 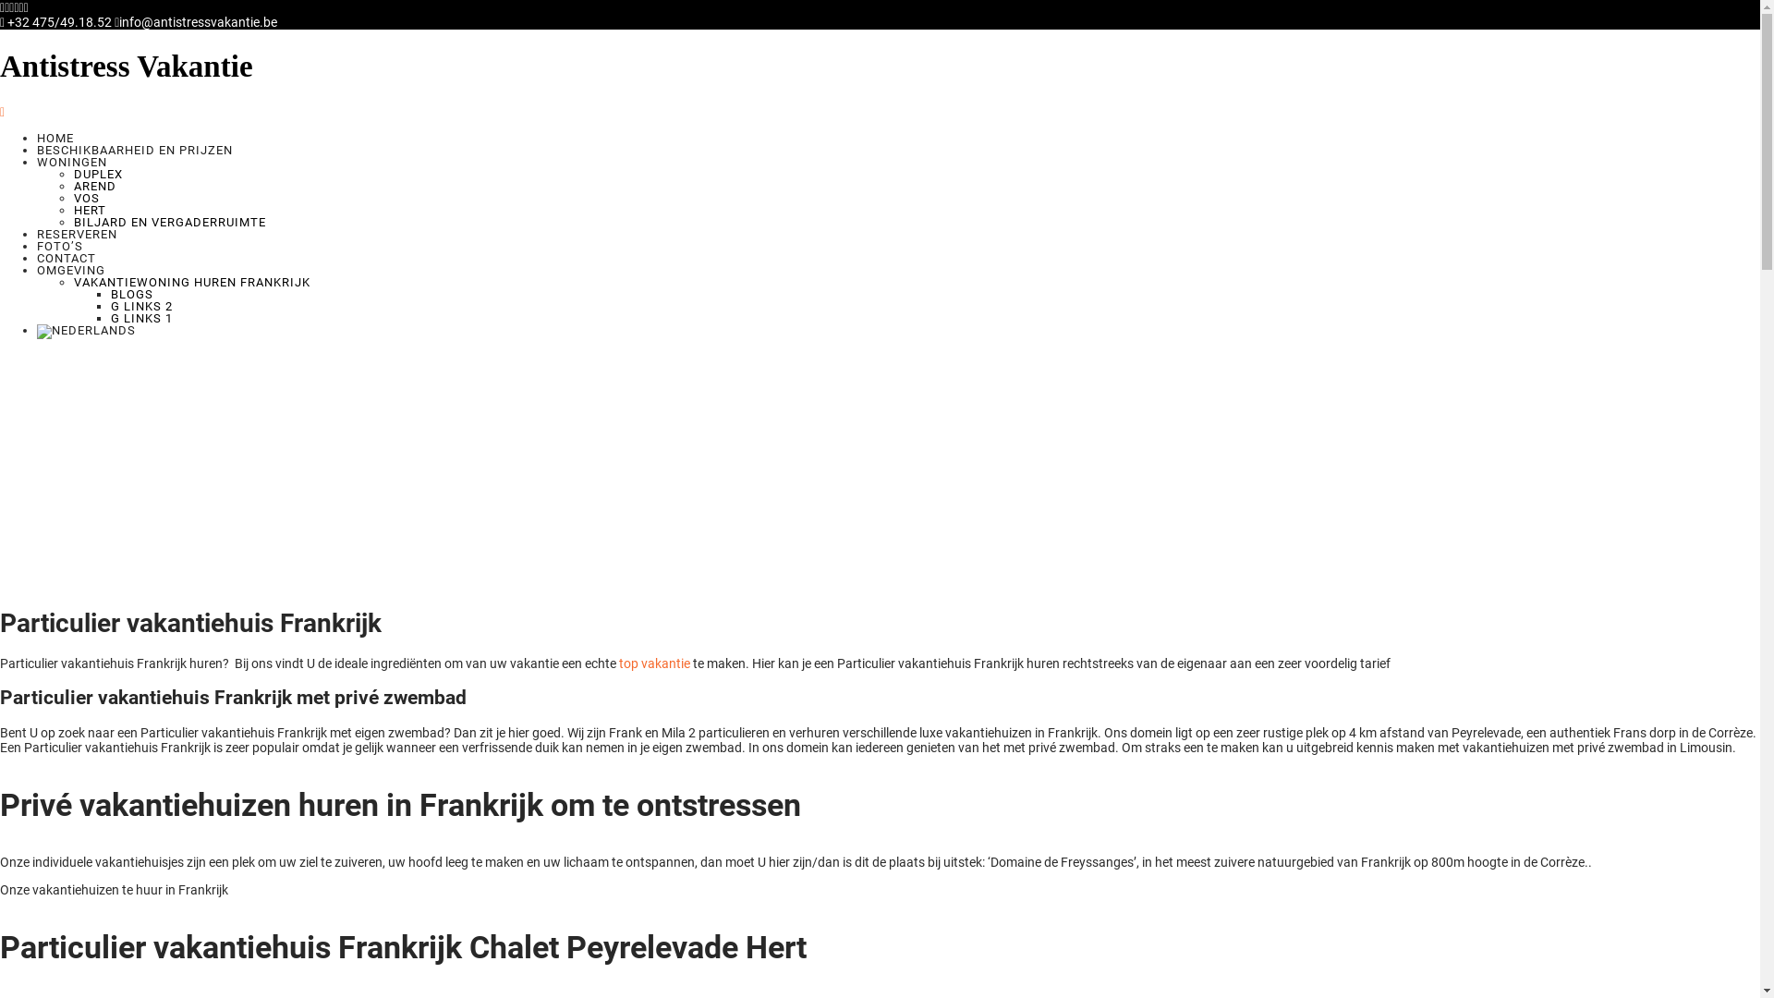 I want to click on 'twitter', so click(x=6, y=7).